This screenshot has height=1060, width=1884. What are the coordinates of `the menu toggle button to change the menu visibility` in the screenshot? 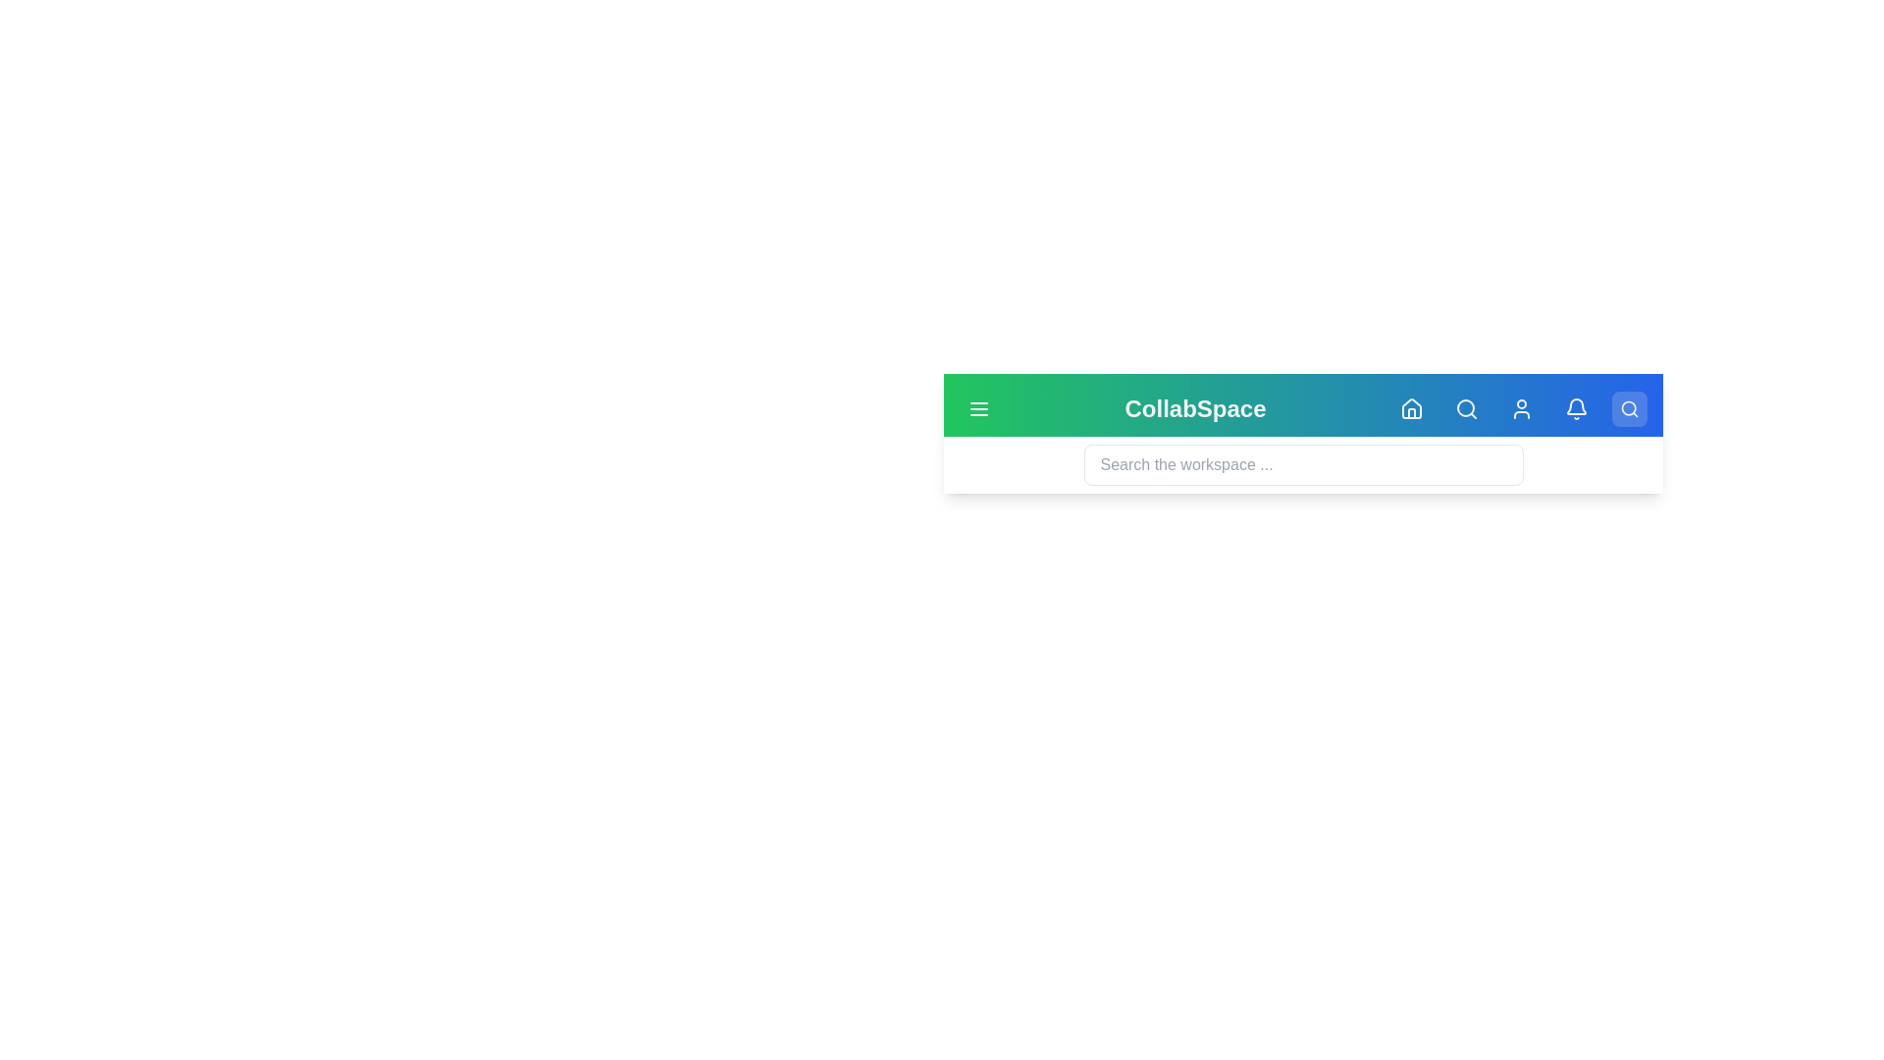 It's located at (979, 407).